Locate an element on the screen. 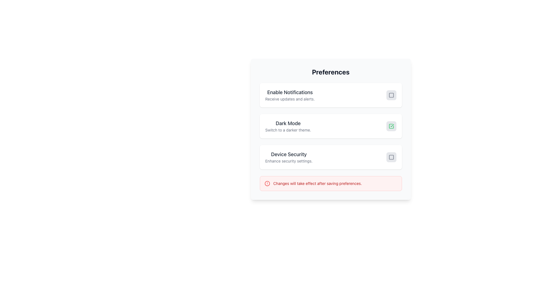 The height and width of the screenshot is (299, 533). text element titled 'Enable Notifications' which includes the subtitle 'Receive updates and alerts.' located in the topmost card of the preferences menu is located at coordinates (290, 95).